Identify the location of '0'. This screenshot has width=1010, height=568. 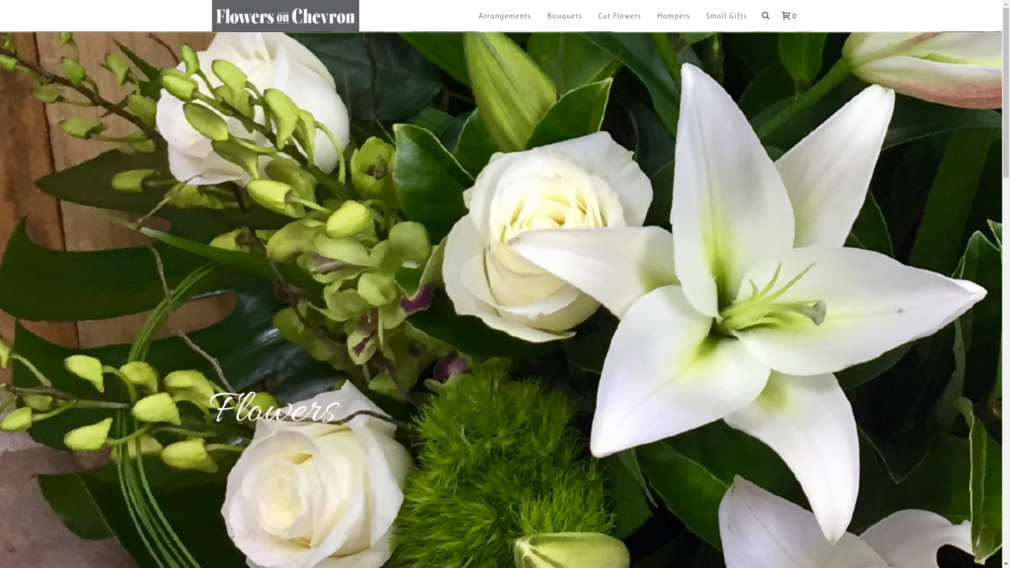
(771, 15).